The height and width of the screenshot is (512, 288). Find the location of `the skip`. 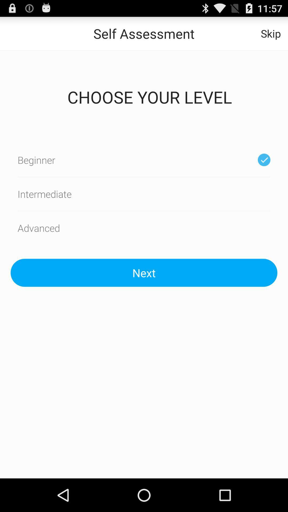

the skip is located at coordinates (271, 33).